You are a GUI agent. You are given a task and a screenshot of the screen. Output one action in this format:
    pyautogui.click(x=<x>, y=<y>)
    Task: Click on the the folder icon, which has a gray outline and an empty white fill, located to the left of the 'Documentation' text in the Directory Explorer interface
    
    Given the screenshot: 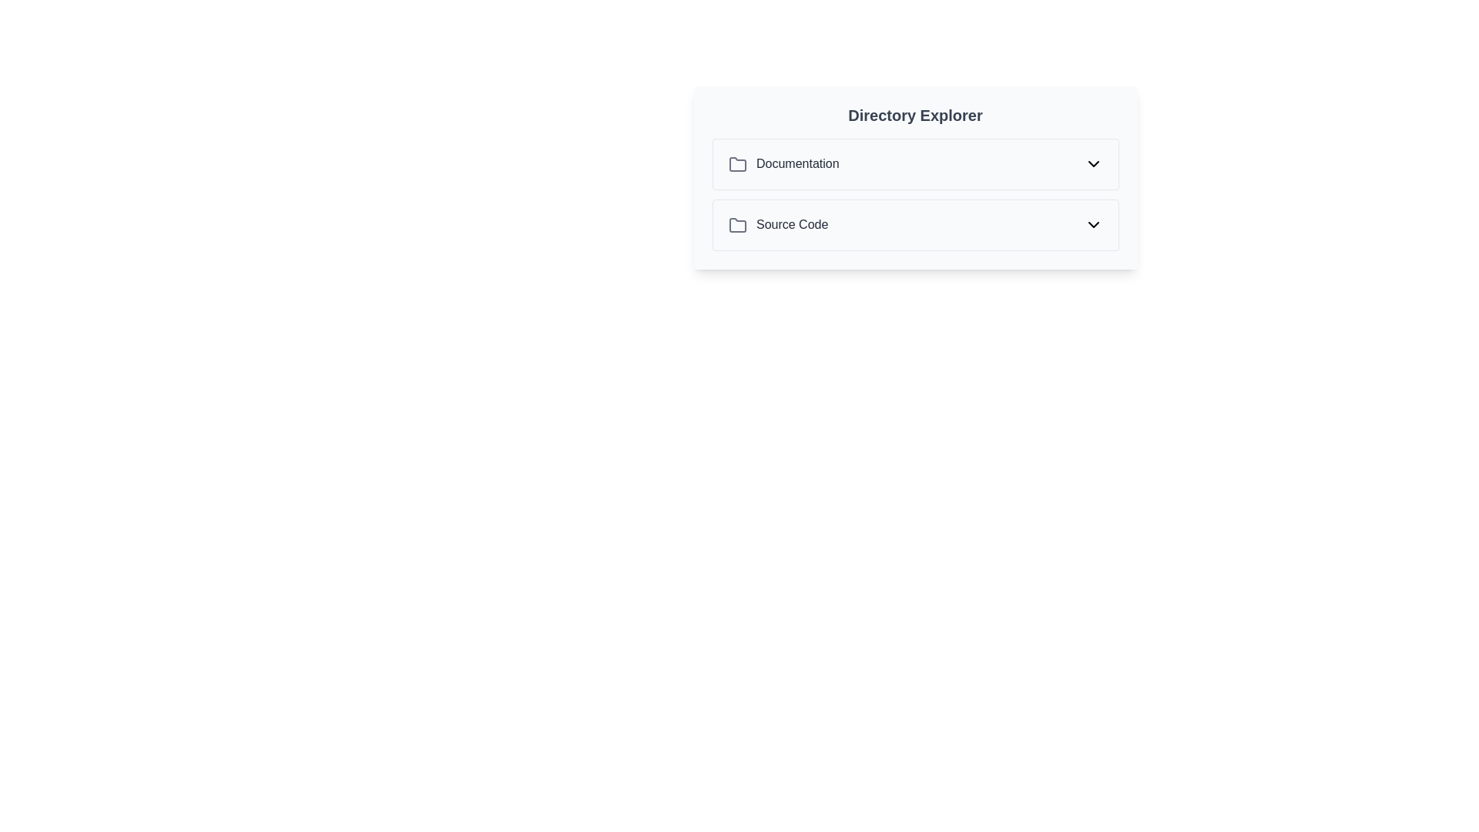 What is the action you would take?
    pyautogui.click(x=736, y=164)
    